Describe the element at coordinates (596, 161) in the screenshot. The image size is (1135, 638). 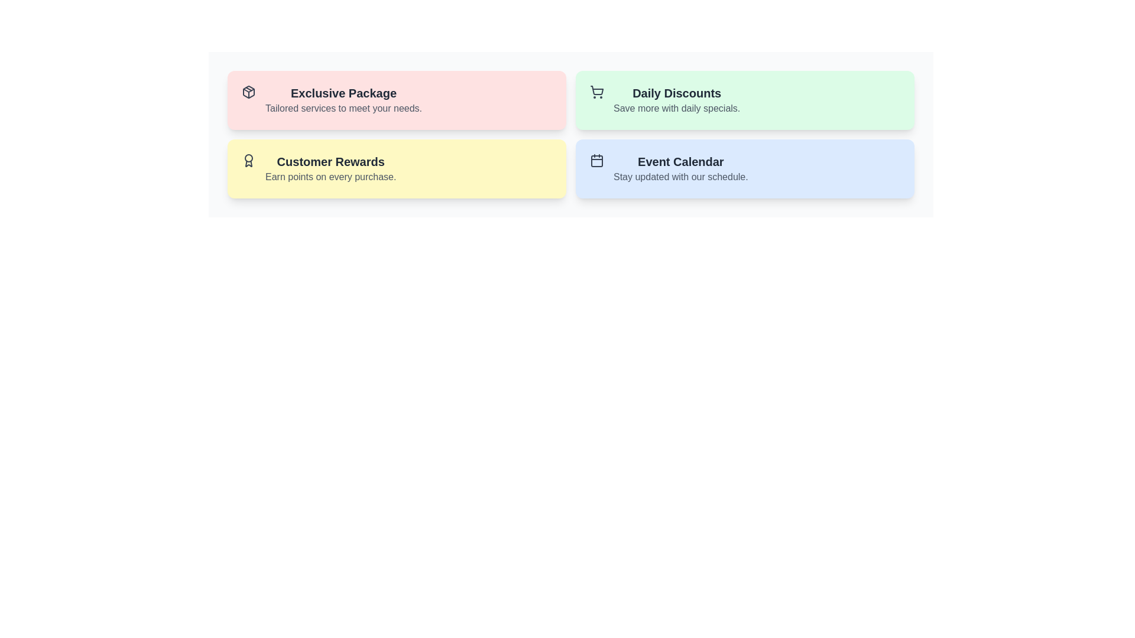
I see `the interactive icon representing the 'Event Calendar', located at the top left inside the blue card labeled 'Event Calendar'` at that location.